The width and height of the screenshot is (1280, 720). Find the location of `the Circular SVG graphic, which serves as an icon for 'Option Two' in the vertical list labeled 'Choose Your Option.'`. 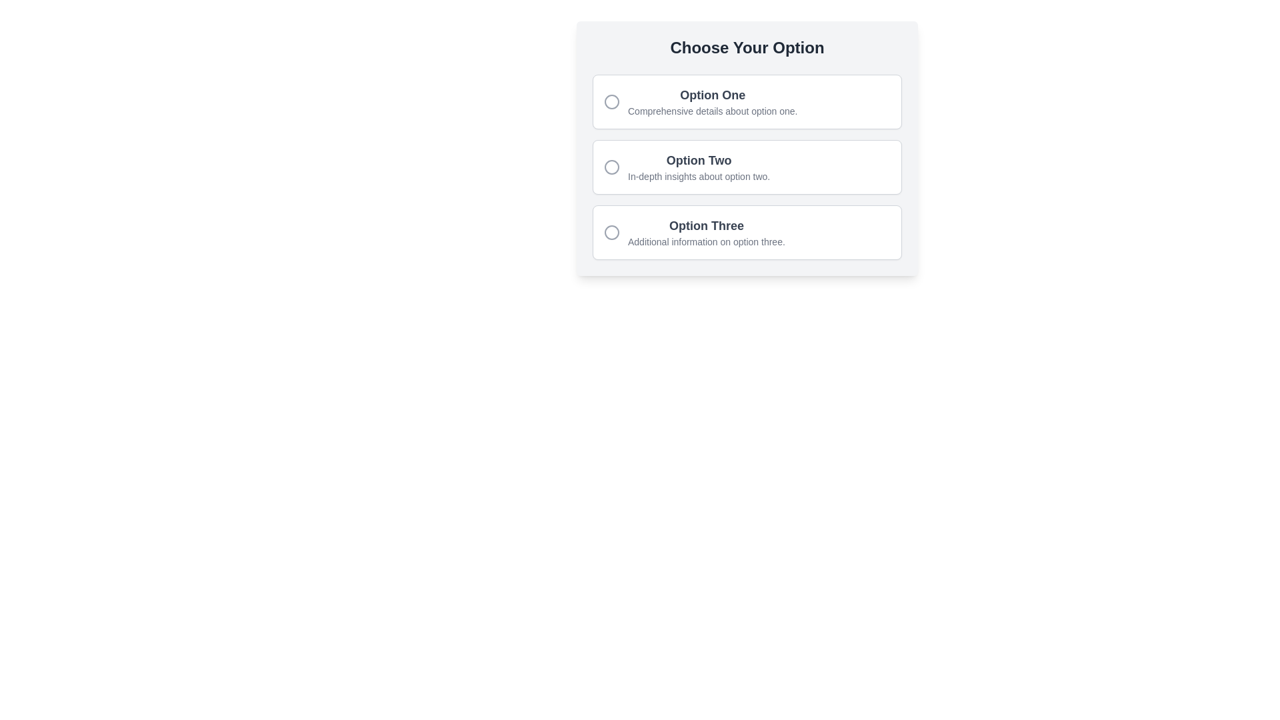

the Circular SVG graphic, which serves as an icon for 'Option Two' in the vertical list labeled 'Choose Your Option.' is located at coordinates (611, 166).